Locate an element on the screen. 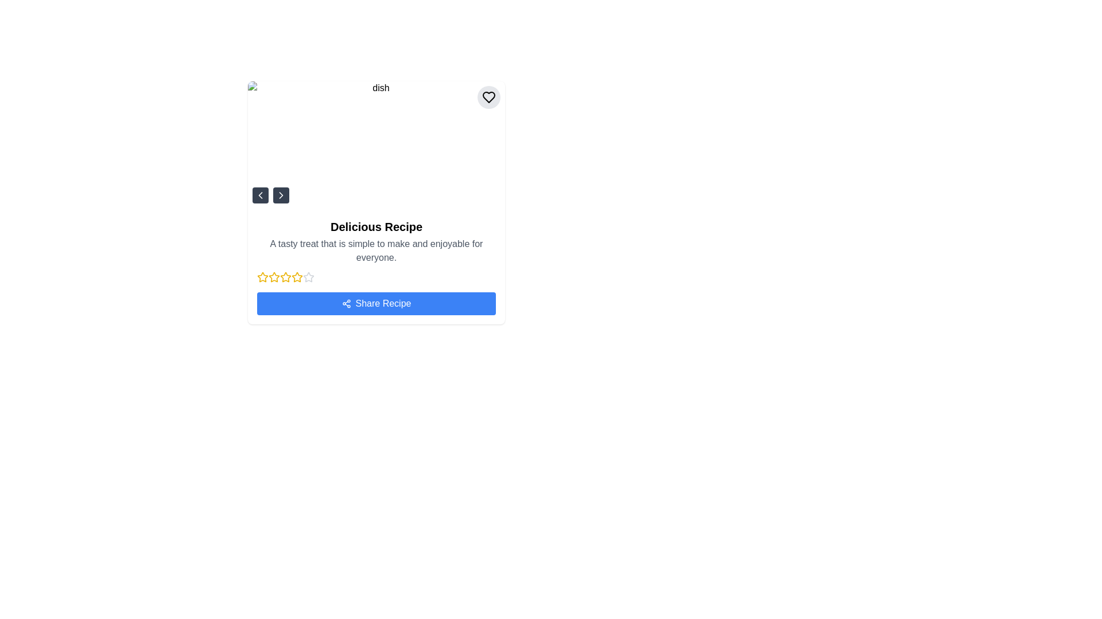 The width and height of the screenshot is (1102, 619). the third yellow star icon in the rating system is located at coordinates (274, 277).